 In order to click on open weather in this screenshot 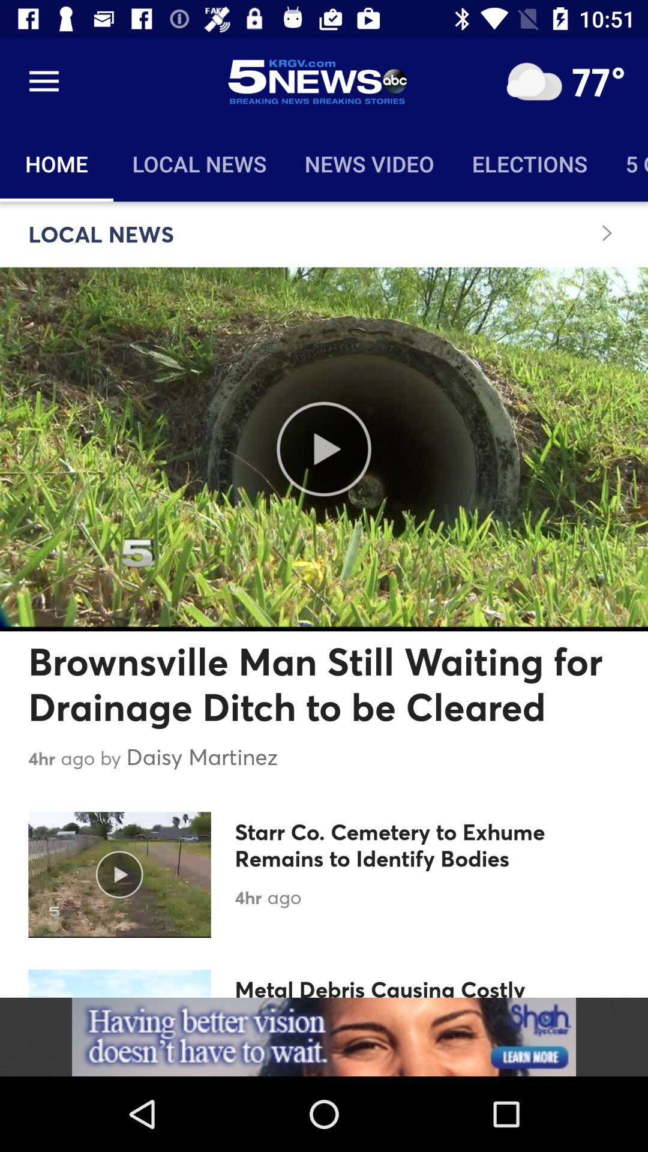, I will do `click(533, 81)`.